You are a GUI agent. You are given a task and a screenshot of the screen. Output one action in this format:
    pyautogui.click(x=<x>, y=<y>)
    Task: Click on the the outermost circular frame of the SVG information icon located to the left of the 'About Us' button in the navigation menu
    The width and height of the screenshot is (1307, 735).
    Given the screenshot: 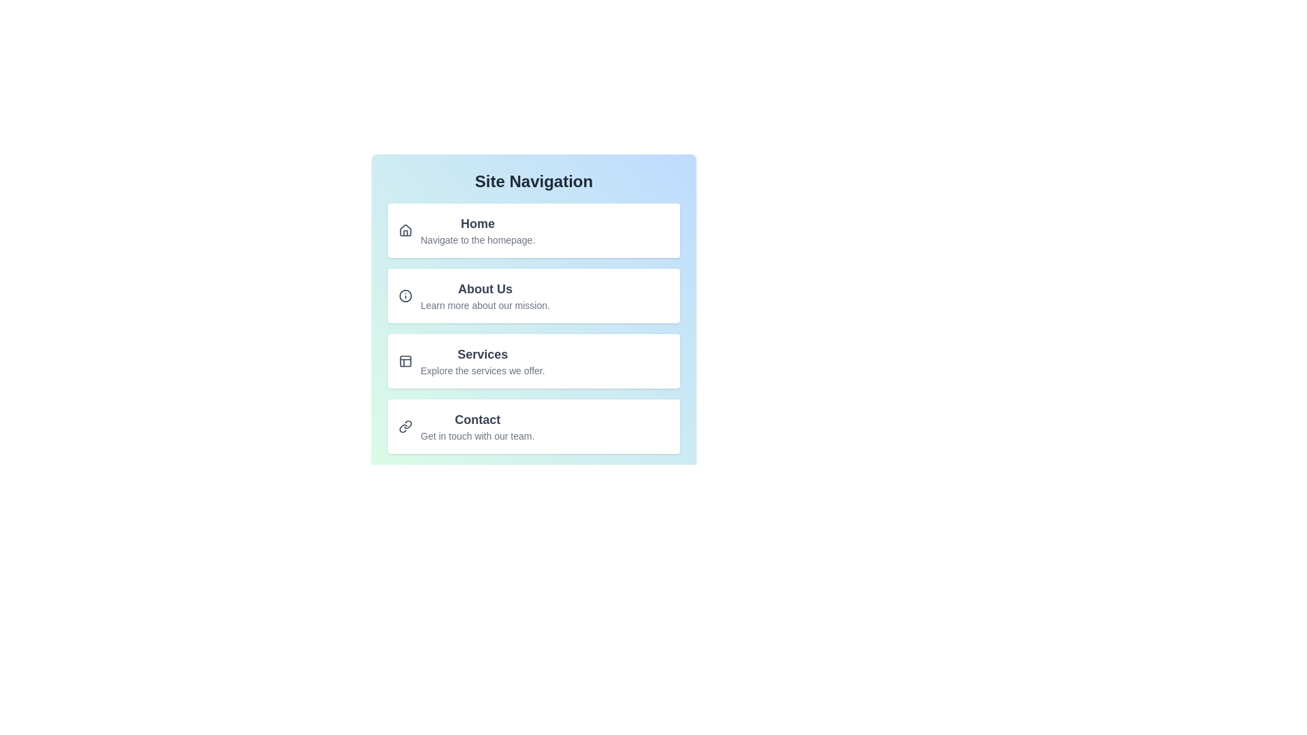 What is the action you would take?
    pyautogui.click(x=404, y=295)
    